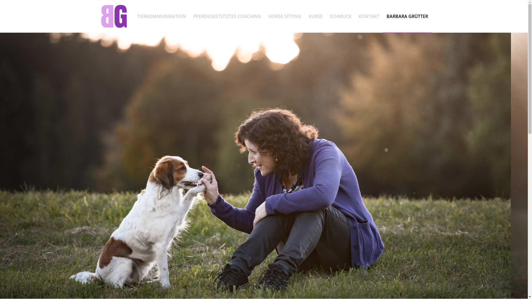 This screenshot has height=299, width=532. Describe the element at coordinates (369, 16) in the screenshot. I see `'KONTAKT'` at that location.